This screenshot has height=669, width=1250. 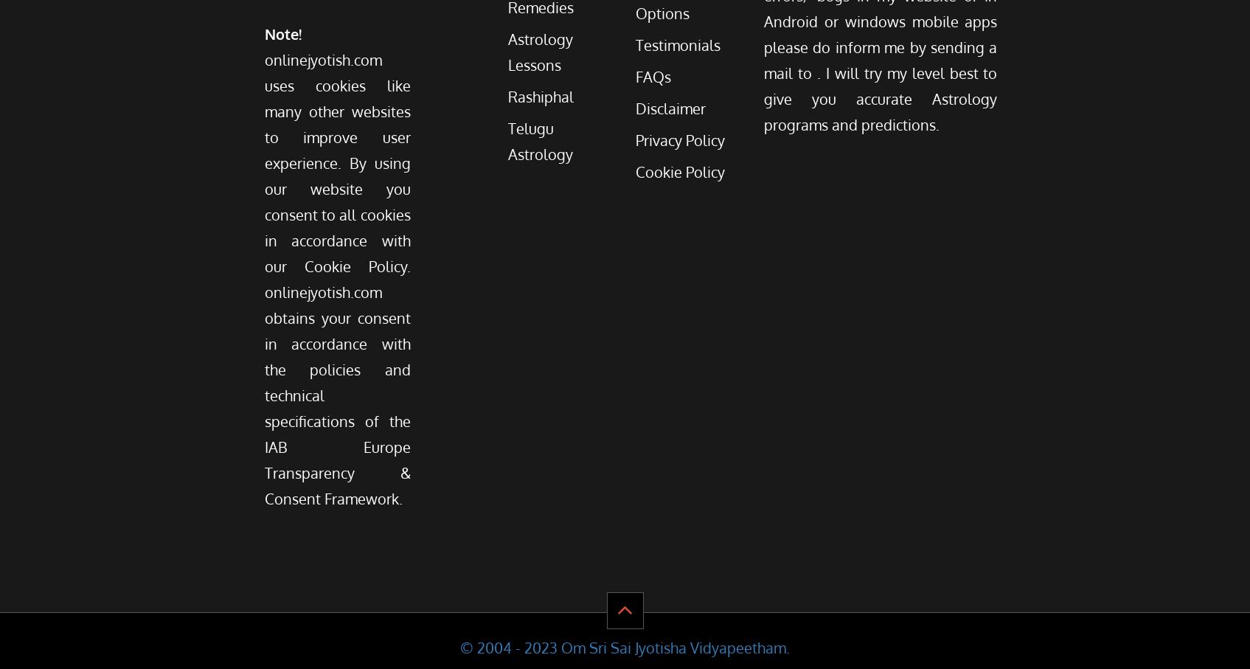 I want to click on 'Privacy Policy', so click(x=680, y=139).